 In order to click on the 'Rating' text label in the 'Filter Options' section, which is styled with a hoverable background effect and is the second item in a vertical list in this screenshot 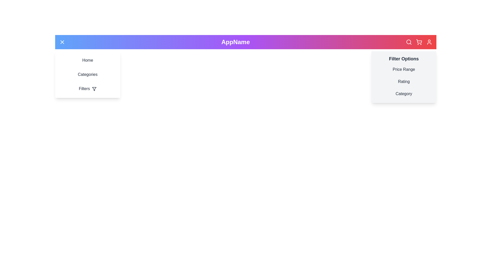, I will do `click(403, 81)`.